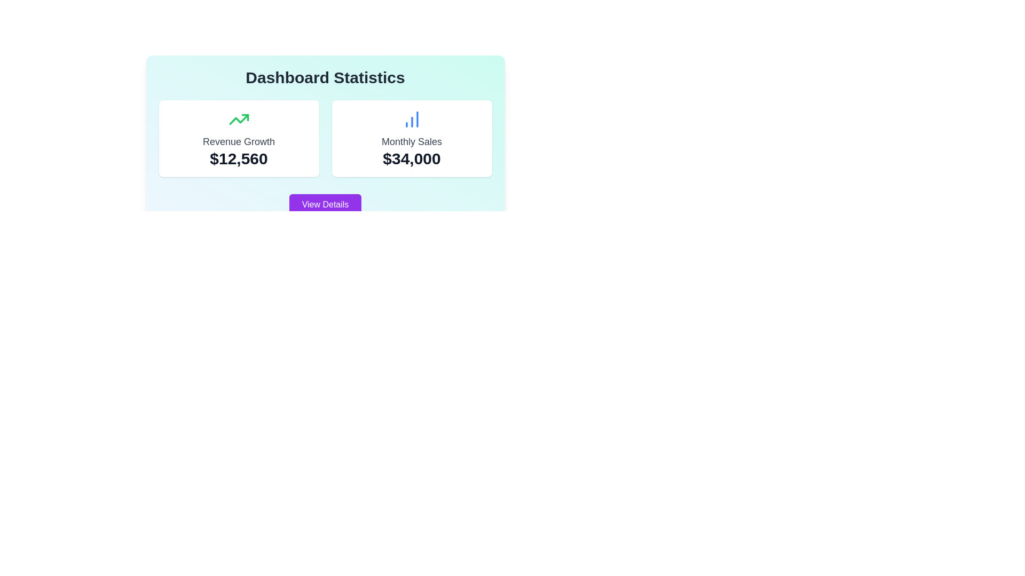 This screenshot has height=576, width=1025. What do you see at coordinates (238, 119) in the screenshot?
I see `the graphical icon representing positive growth or trends in the 'Revenue Growth' section, located in the upper-left icon of the leftmost card` at bounding box center [238, 119].